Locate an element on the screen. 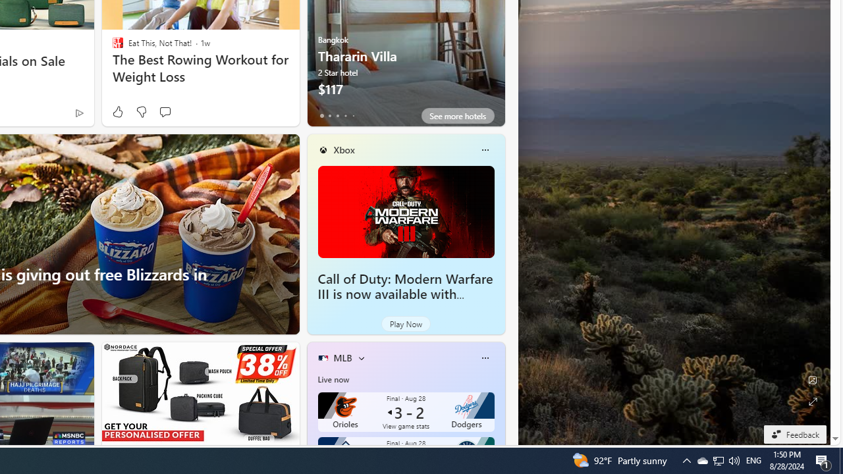 Image resolution: width=843 pixels, height=474 pixels. 'More options' is located at coordinates (484, 357).